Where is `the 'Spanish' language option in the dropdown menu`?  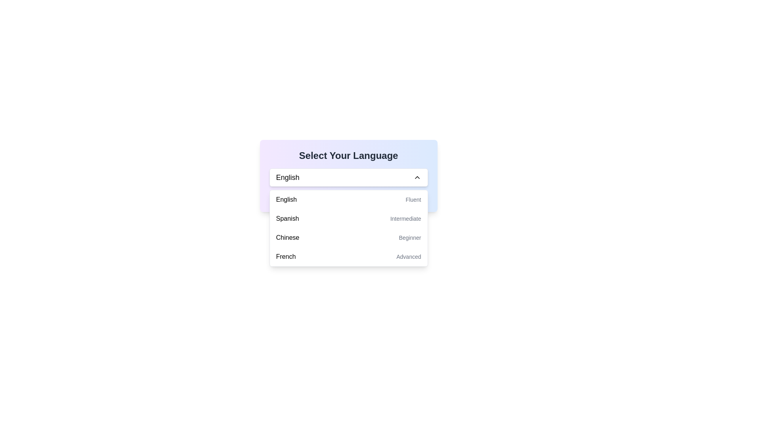 the 'Spanish' language option in the dropdown menu is located at coordinates (287, 218).